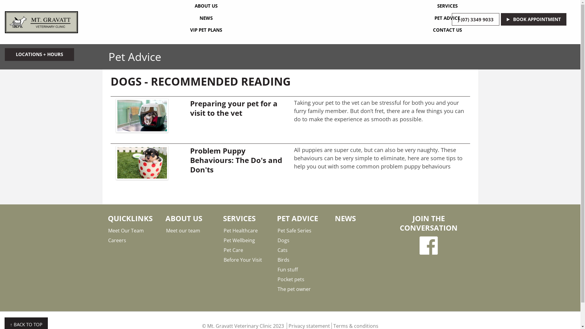  What do you see at coordinates (206, 6) in the screenshot?
I see `'ABOUT US'` at bounding box center [206, 6].